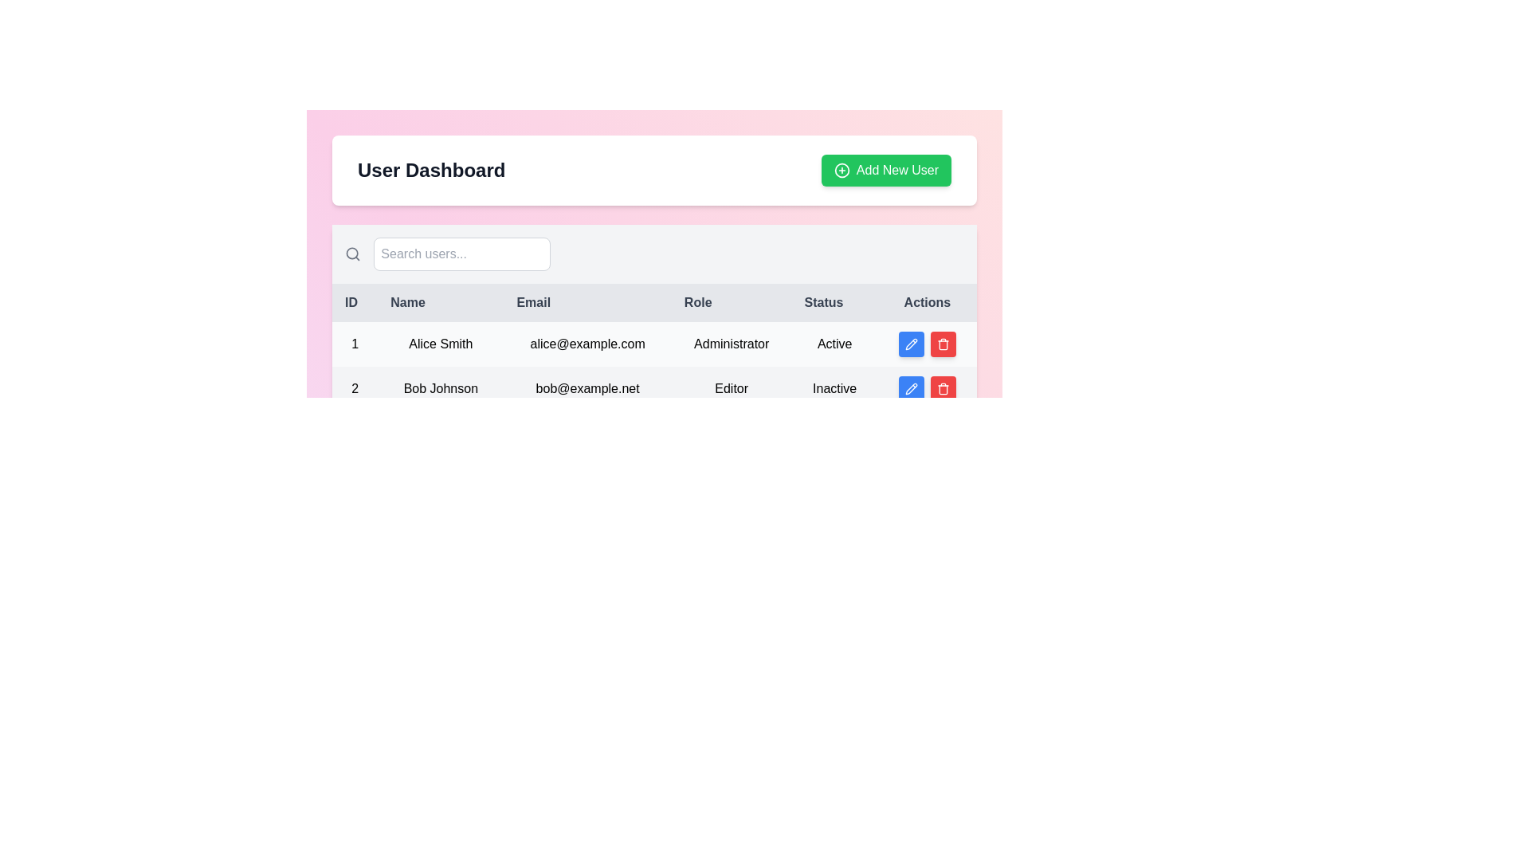  Describe the element at coordinates (927, 303) in the screenshot. I see `'Actions' text label, which is a header for the 'Actions' column in a table-like structure, located at the top of the column to the right of the 'Status' column` at that location.